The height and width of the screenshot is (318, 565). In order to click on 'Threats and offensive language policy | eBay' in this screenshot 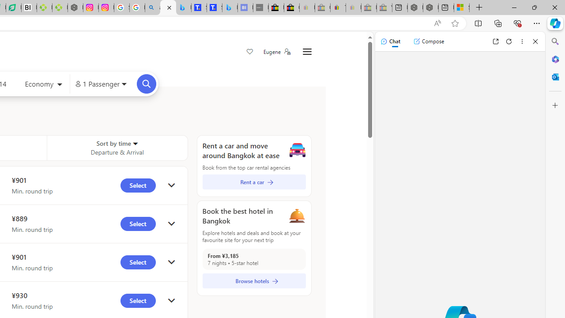, I will do `click(338, 8)`.